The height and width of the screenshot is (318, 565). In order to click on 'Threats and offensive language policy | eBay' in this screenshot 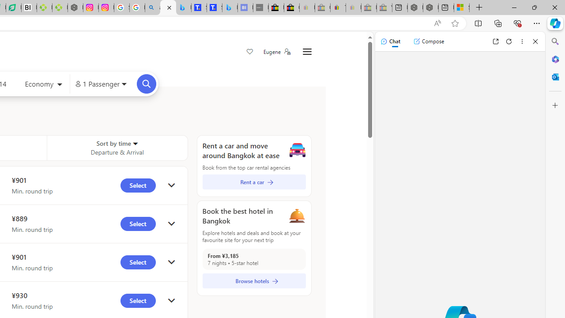, I will do `click(338, 8)`.